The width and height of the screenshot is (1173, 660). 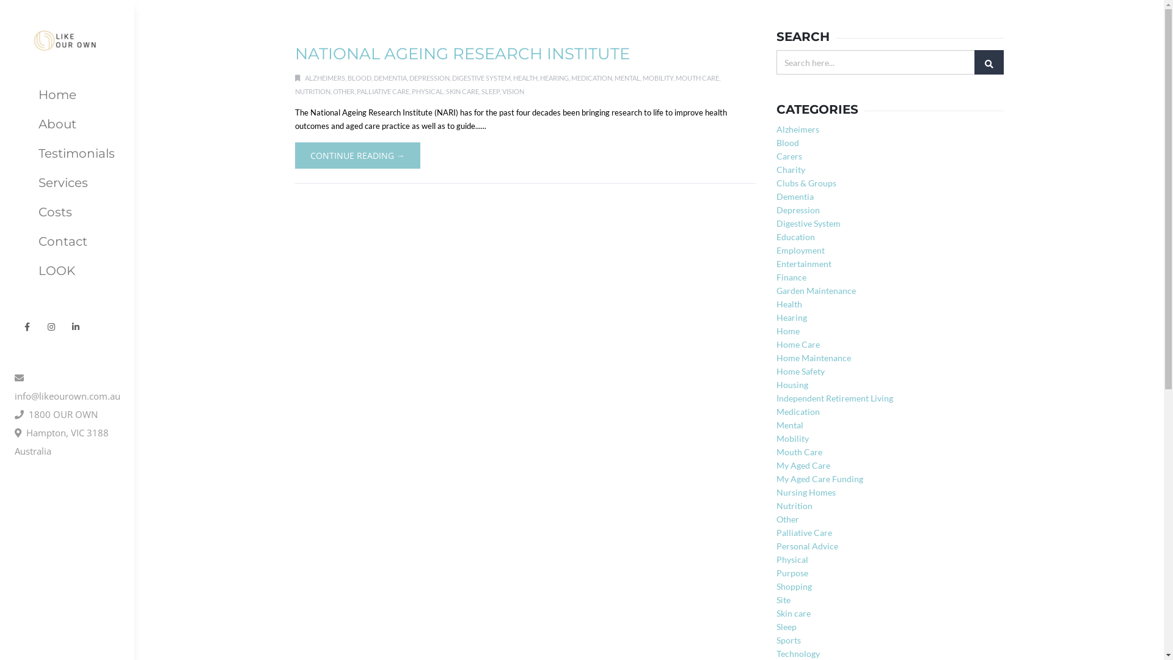 I want to click on 'ALZHEIMERS', so click(x=324, y=77).